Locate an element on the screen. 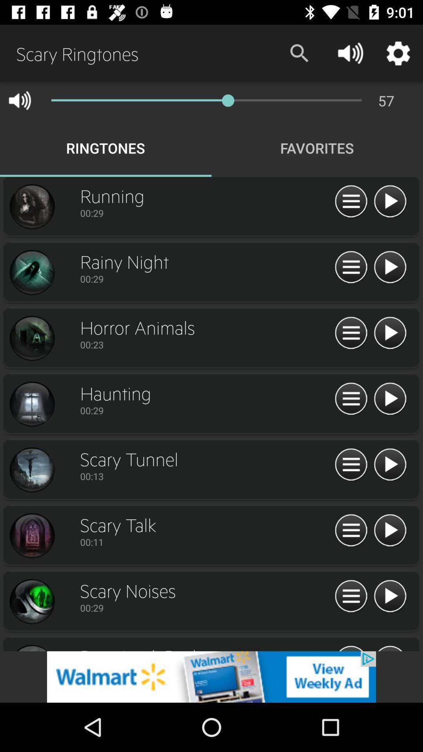 Image resolution: width=423 pixels, height=752 pixels. menu option is located at coordinates (351, 465).